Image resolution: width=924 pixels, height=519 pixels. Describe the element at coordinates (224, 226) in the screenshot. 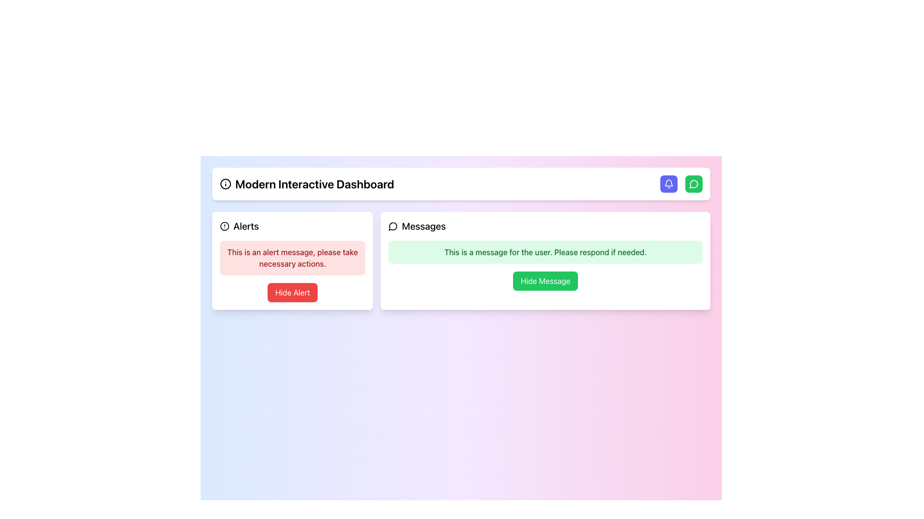

I see `the circular SVG warning icon located at the top left corner of the 'Alerts' card, positioned to the left of the title 'Alerts'` at that location.